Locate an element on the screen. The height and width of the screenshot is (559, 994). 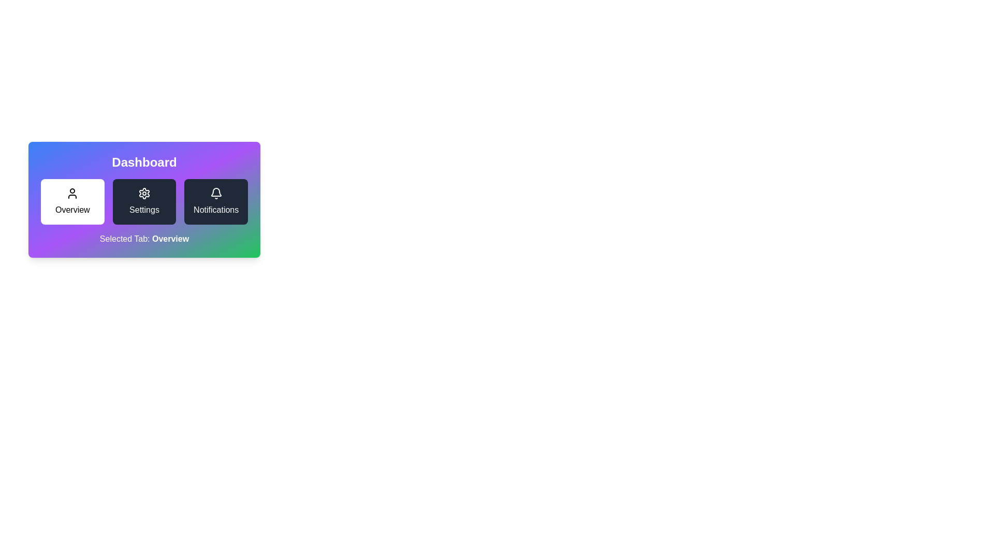
the 'Notifications' card, which is the last card in a row of three cards in the grid on the 'Dashboard' is located at coordinates (215, 201).